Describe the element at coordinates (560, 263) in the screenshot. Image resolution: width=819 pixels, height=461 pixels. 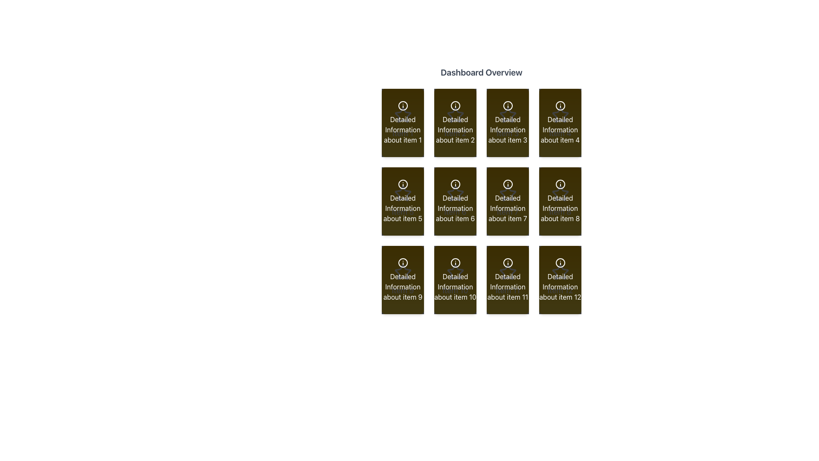
I see `the central circular part of the icon located in the bottom-right button of a 4x3 grid layout` at that location.